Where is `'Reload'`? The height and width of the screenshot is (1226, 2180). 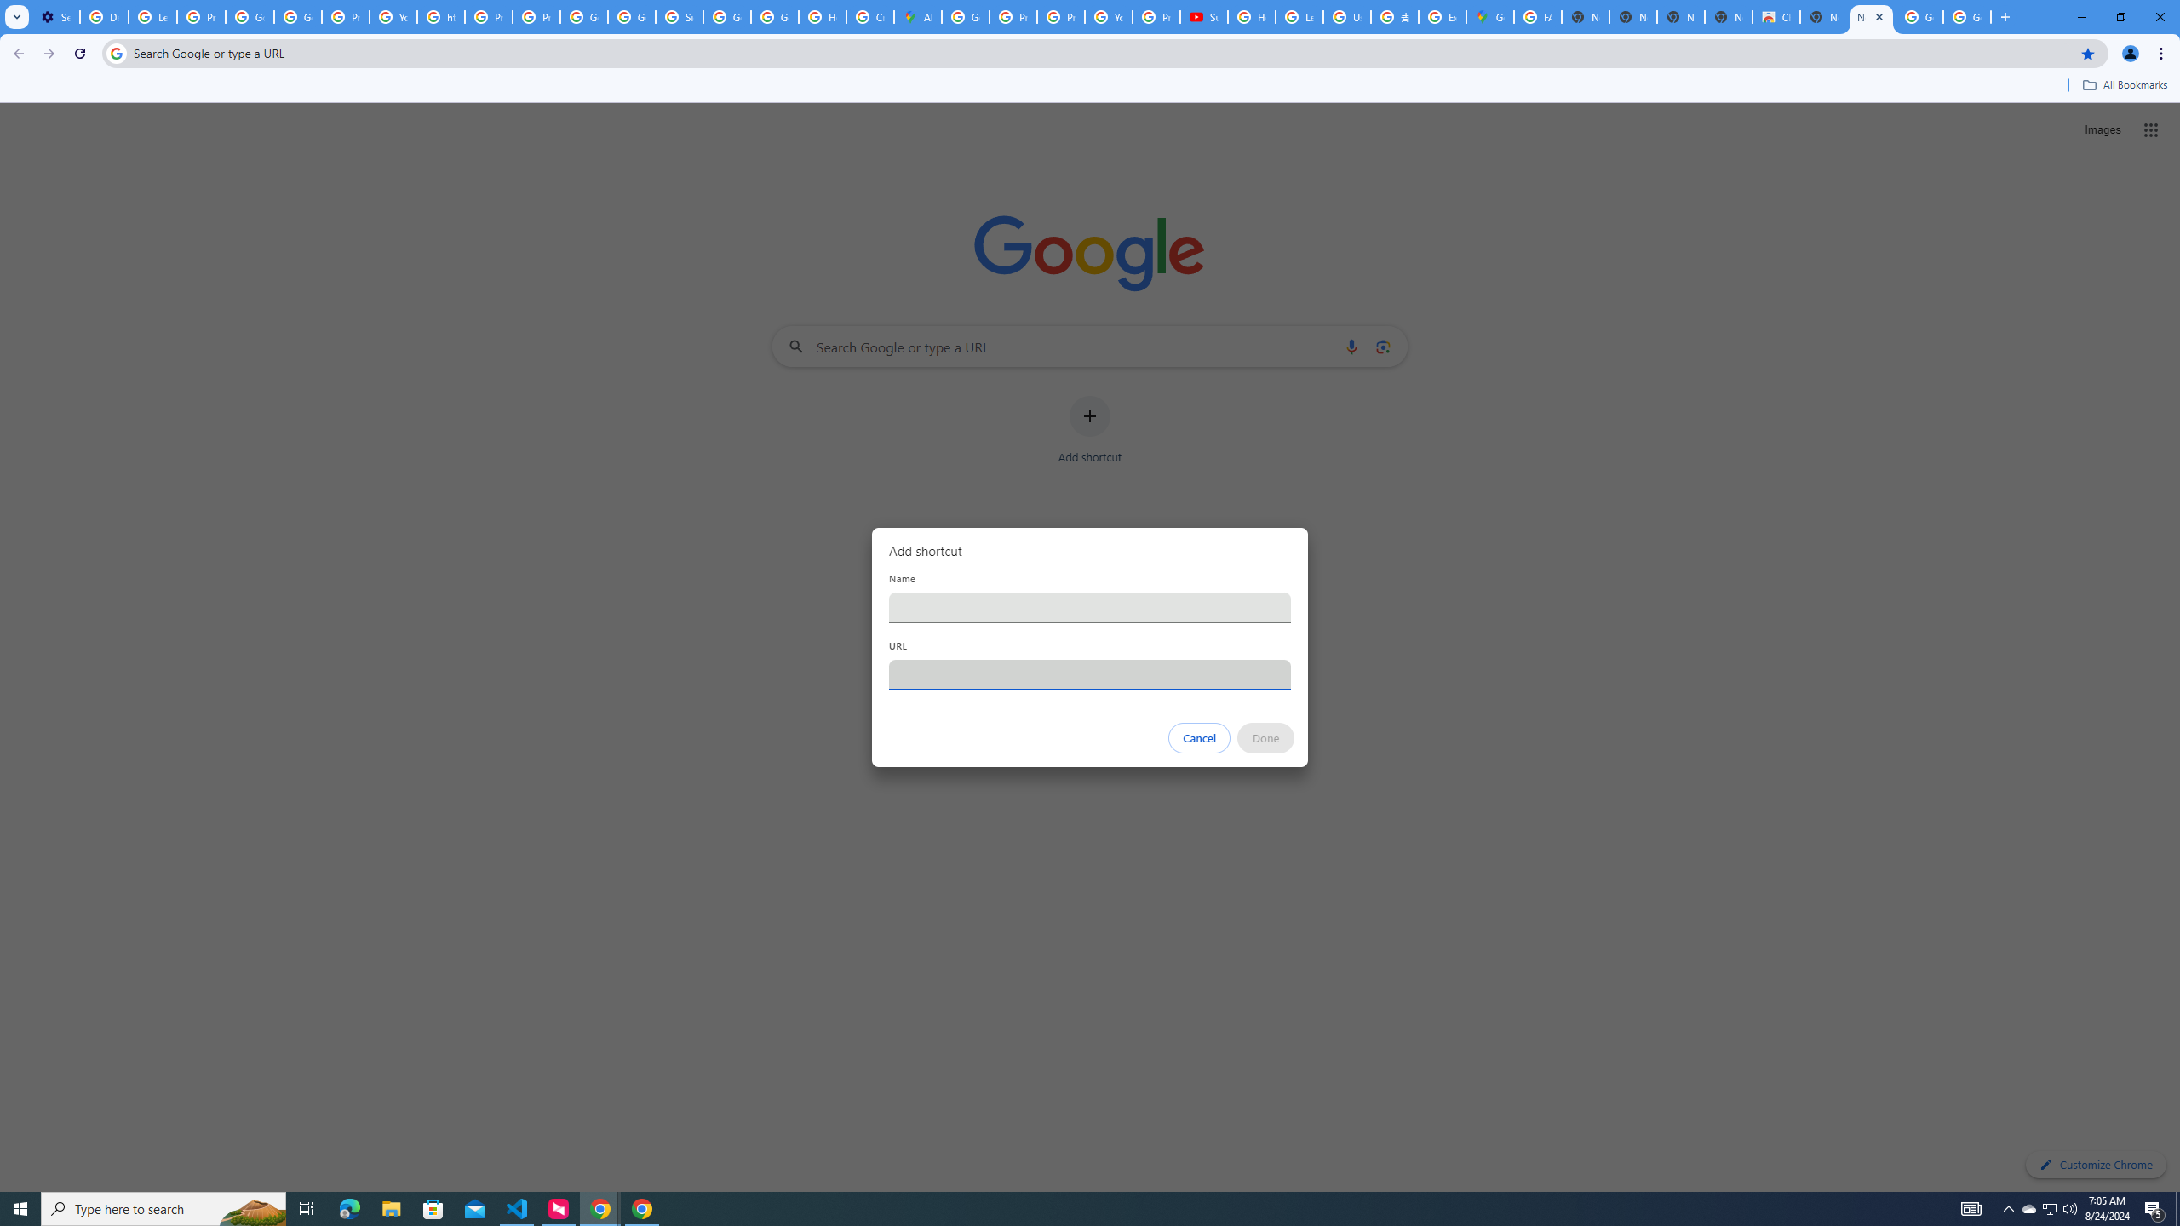
'Reload' is located at coordinates (79, 53).